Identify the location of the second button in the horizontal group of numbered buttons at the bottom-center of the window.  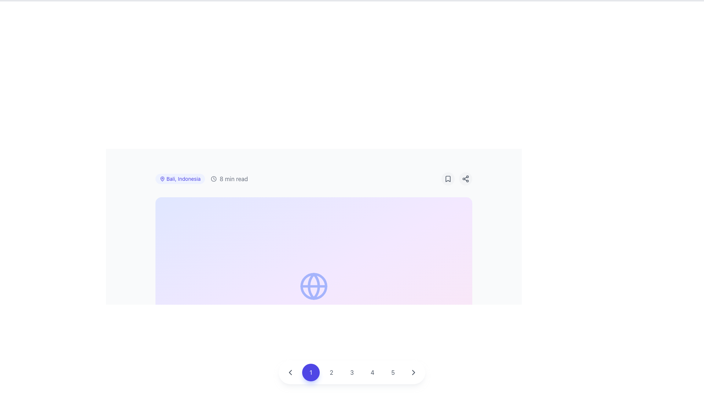
(311, 372).